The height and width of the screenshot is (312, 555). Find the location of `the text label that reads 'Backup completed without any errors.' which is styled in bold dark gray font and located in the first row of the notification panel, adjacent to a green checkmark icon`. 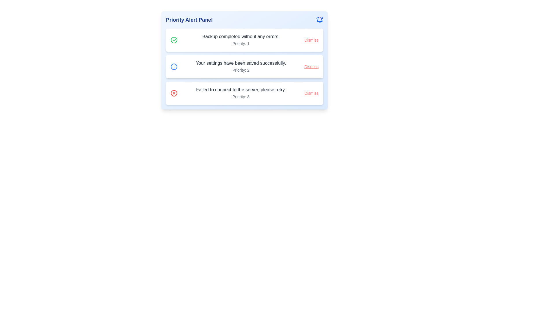

the text label that reads 'Backup completed without any errors.' which is styled in bold dark gray font and located in the first row of the notification panel, adjacent to a green checkmark icon is located at coordinates (241, 37).